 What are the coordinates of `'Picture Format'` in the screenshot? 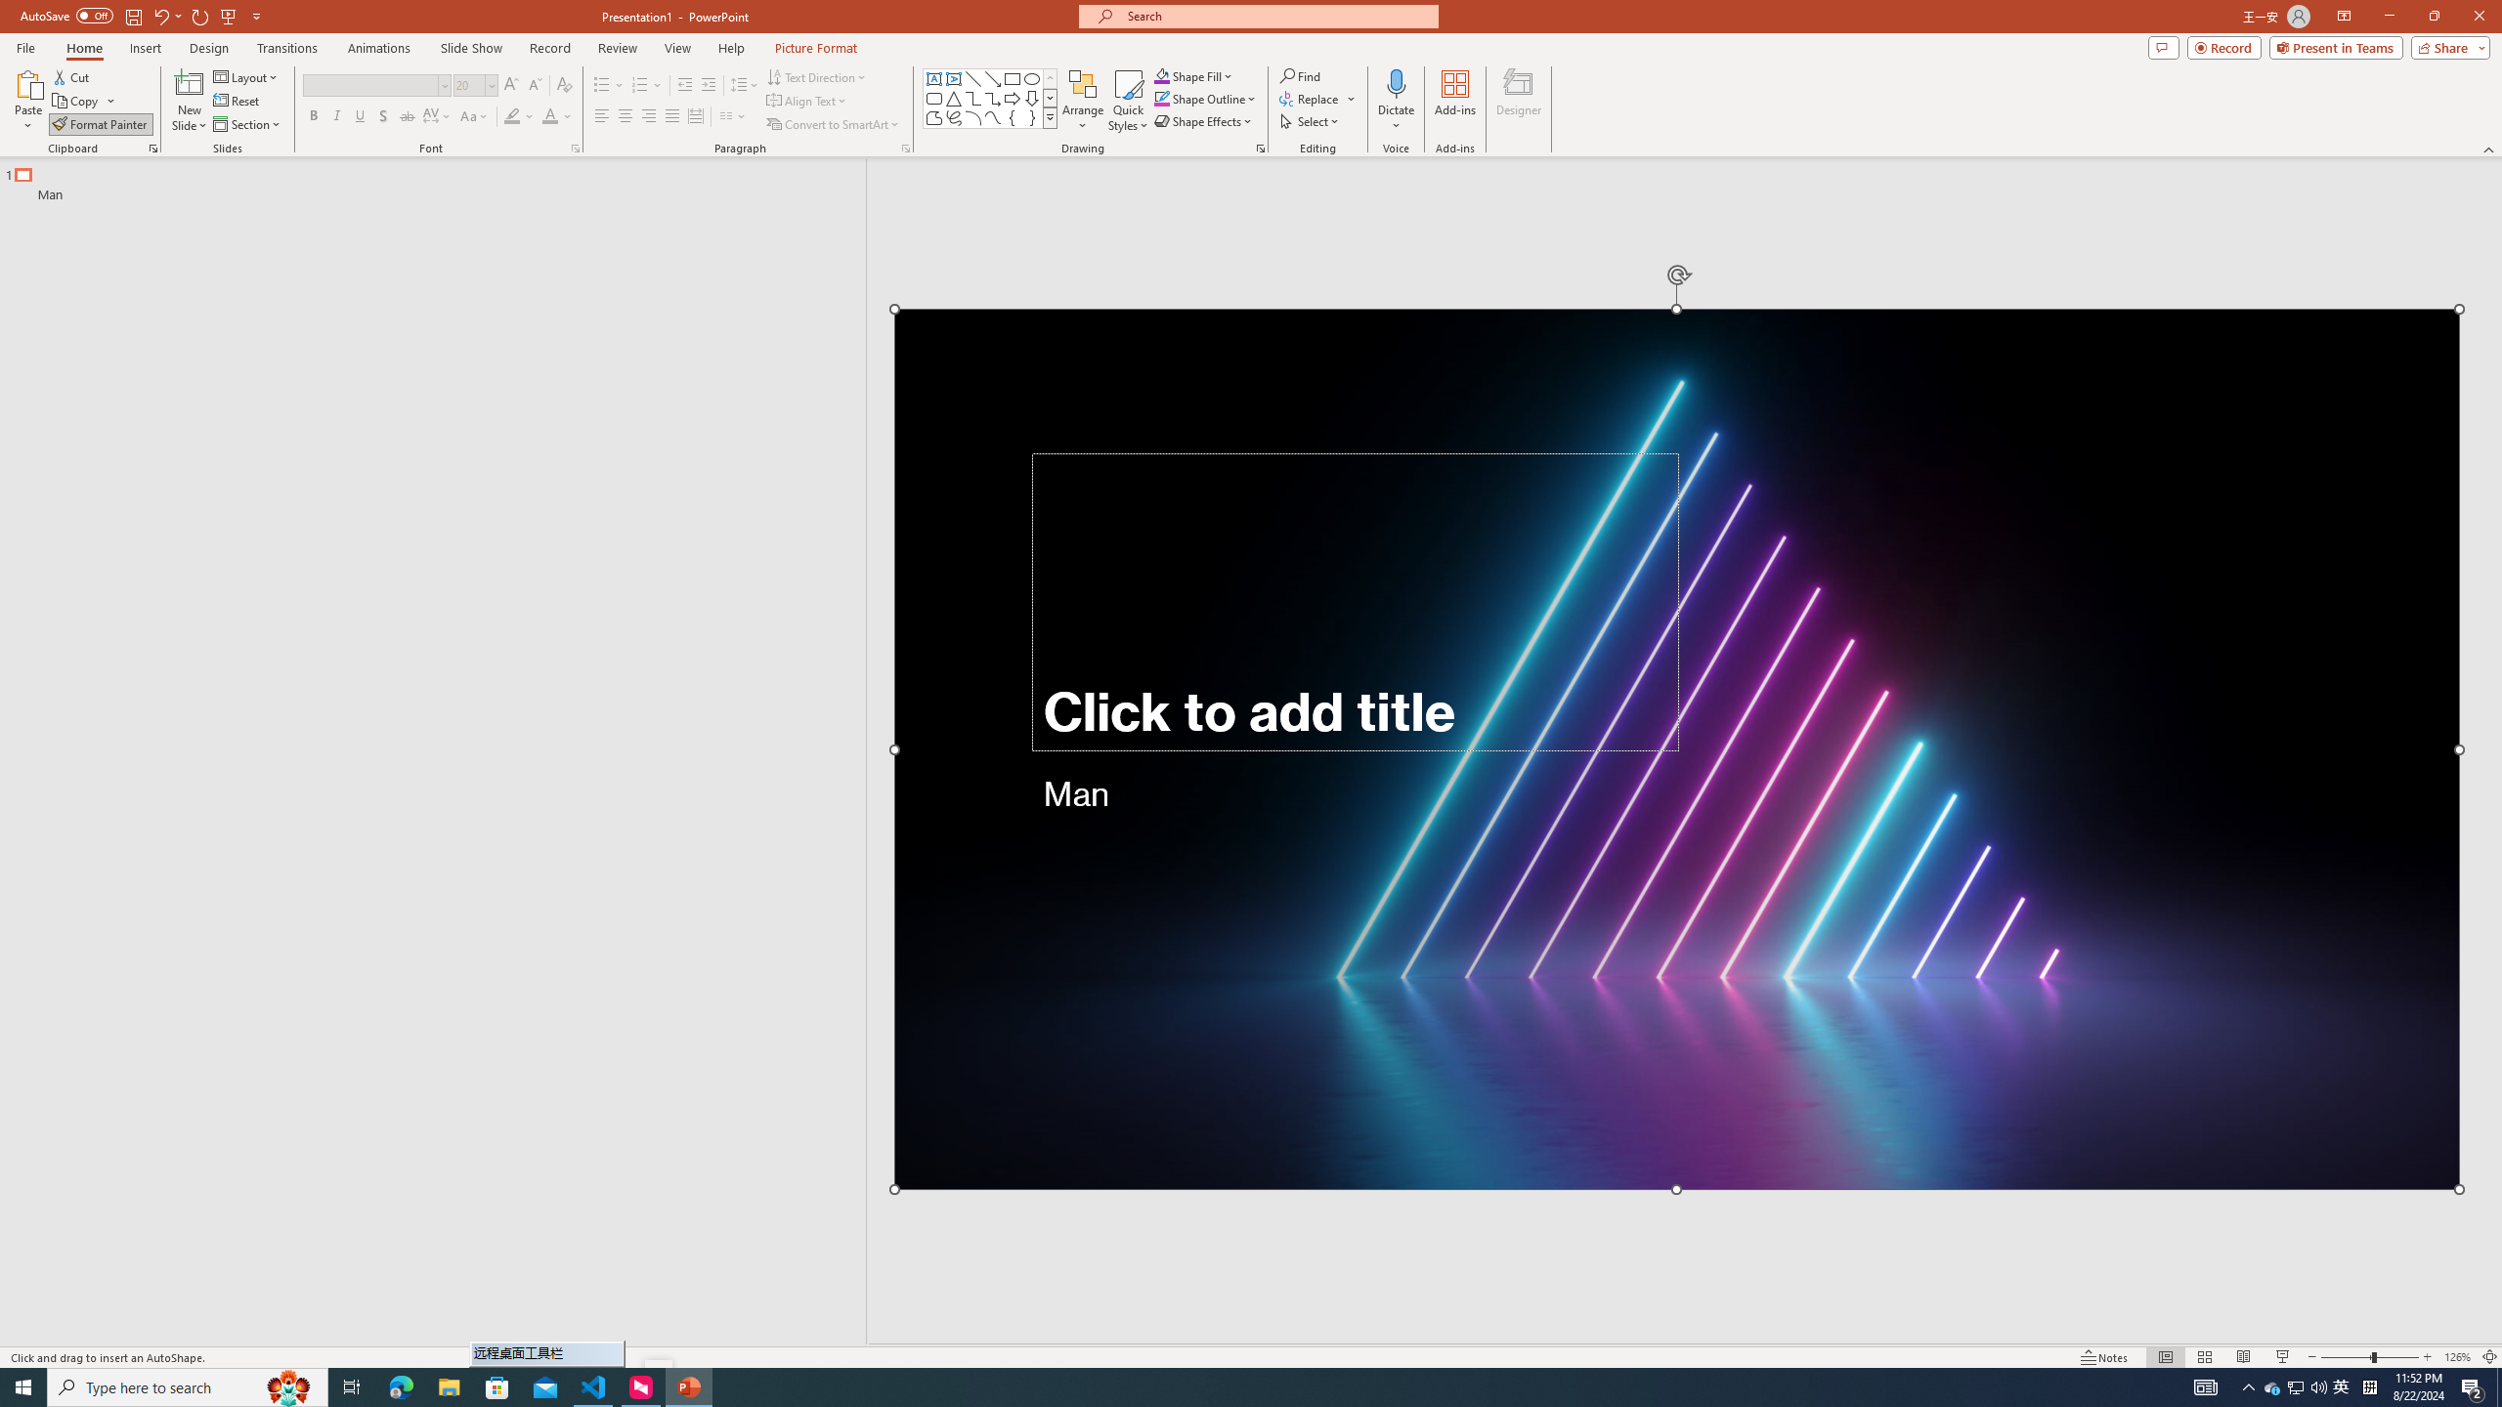 It's located at (816, 48).